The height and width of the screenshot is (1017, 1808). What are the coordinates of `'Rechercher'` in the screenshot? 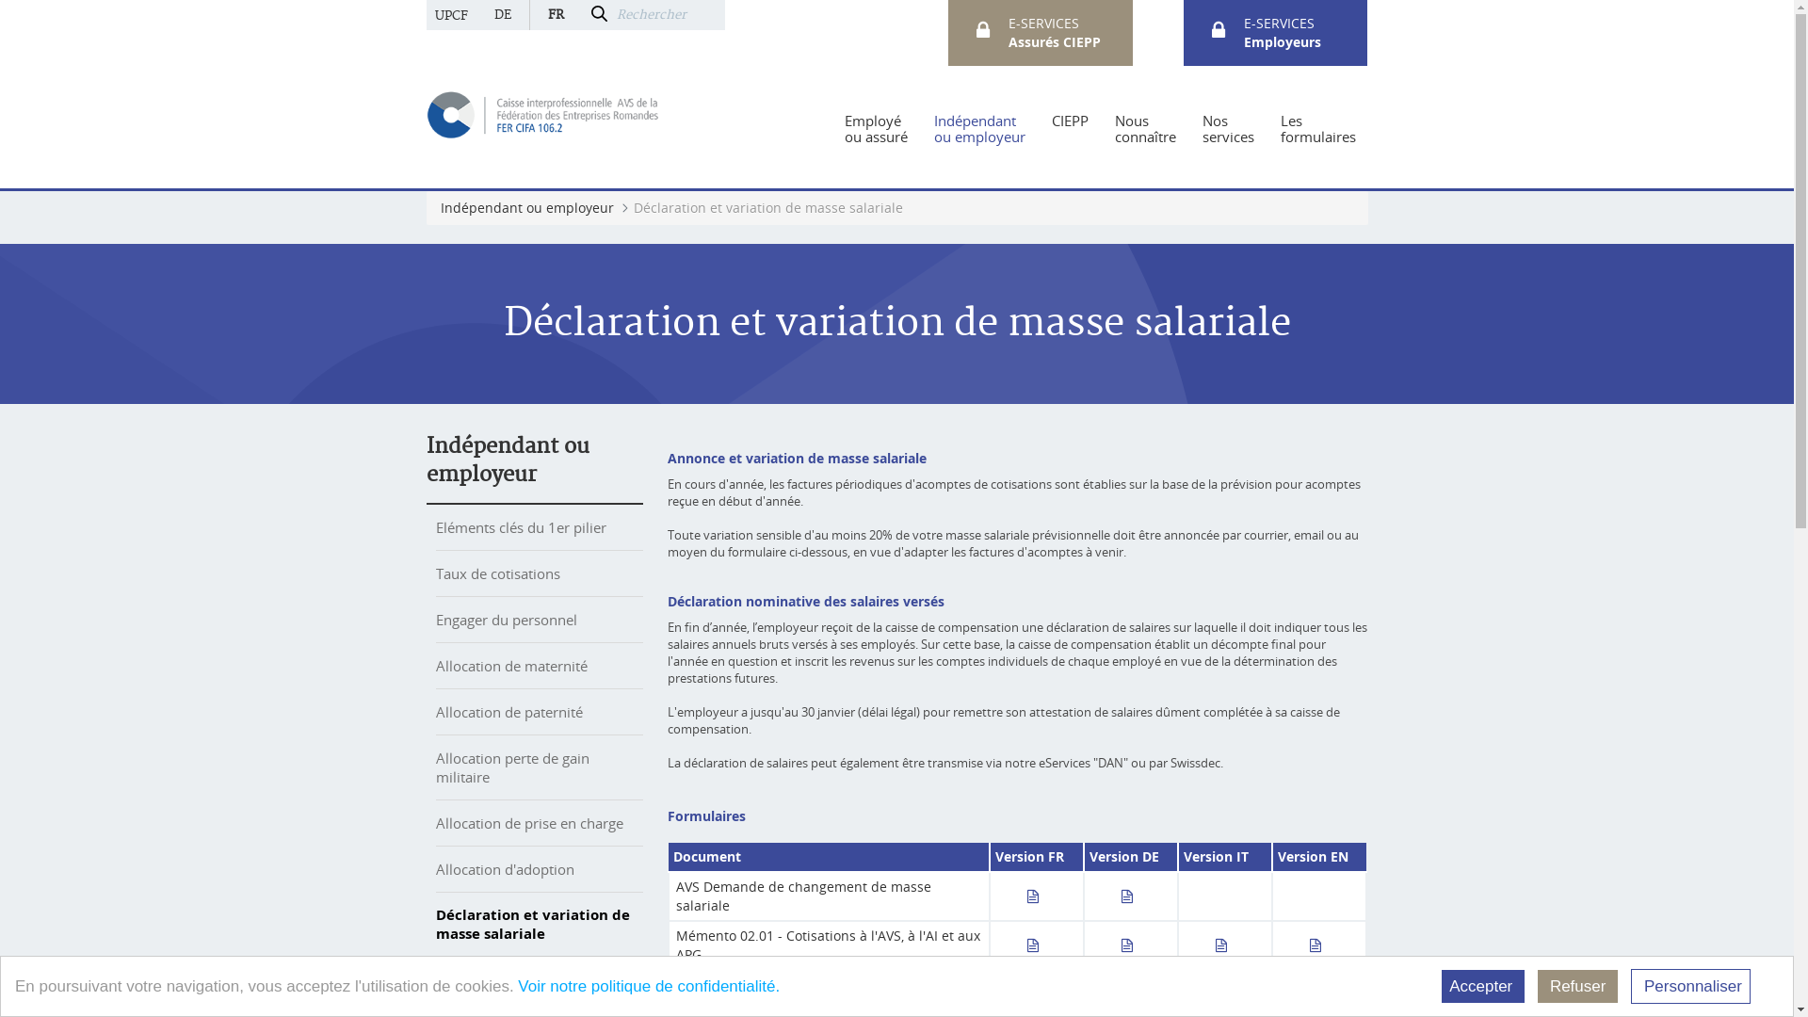 It's located at (598, 15).